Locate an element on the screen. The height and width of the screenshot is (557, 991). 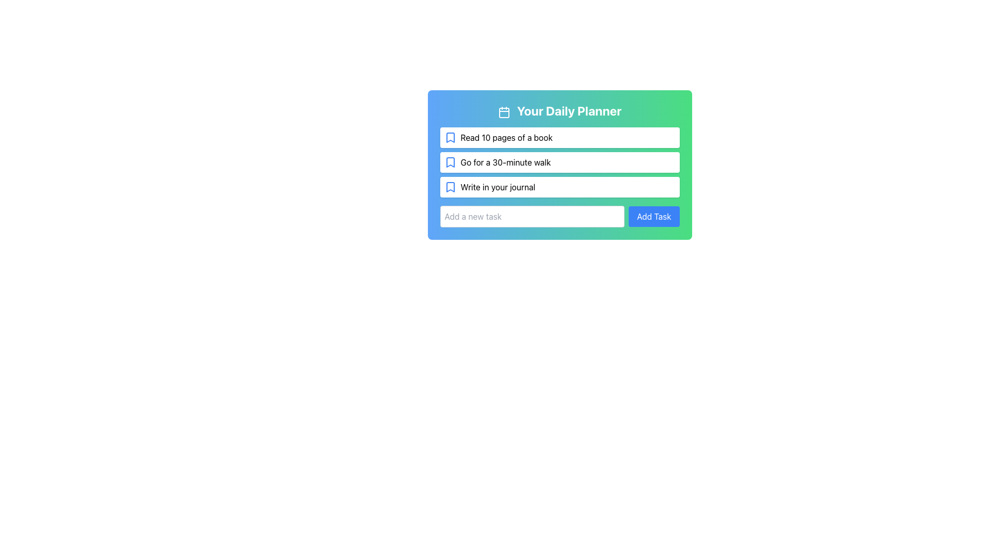
the middle task item in the 'Your Daily Planner' section that identifies the task 'Go for a 30-minute walk' is located at coordinates (559, 162).